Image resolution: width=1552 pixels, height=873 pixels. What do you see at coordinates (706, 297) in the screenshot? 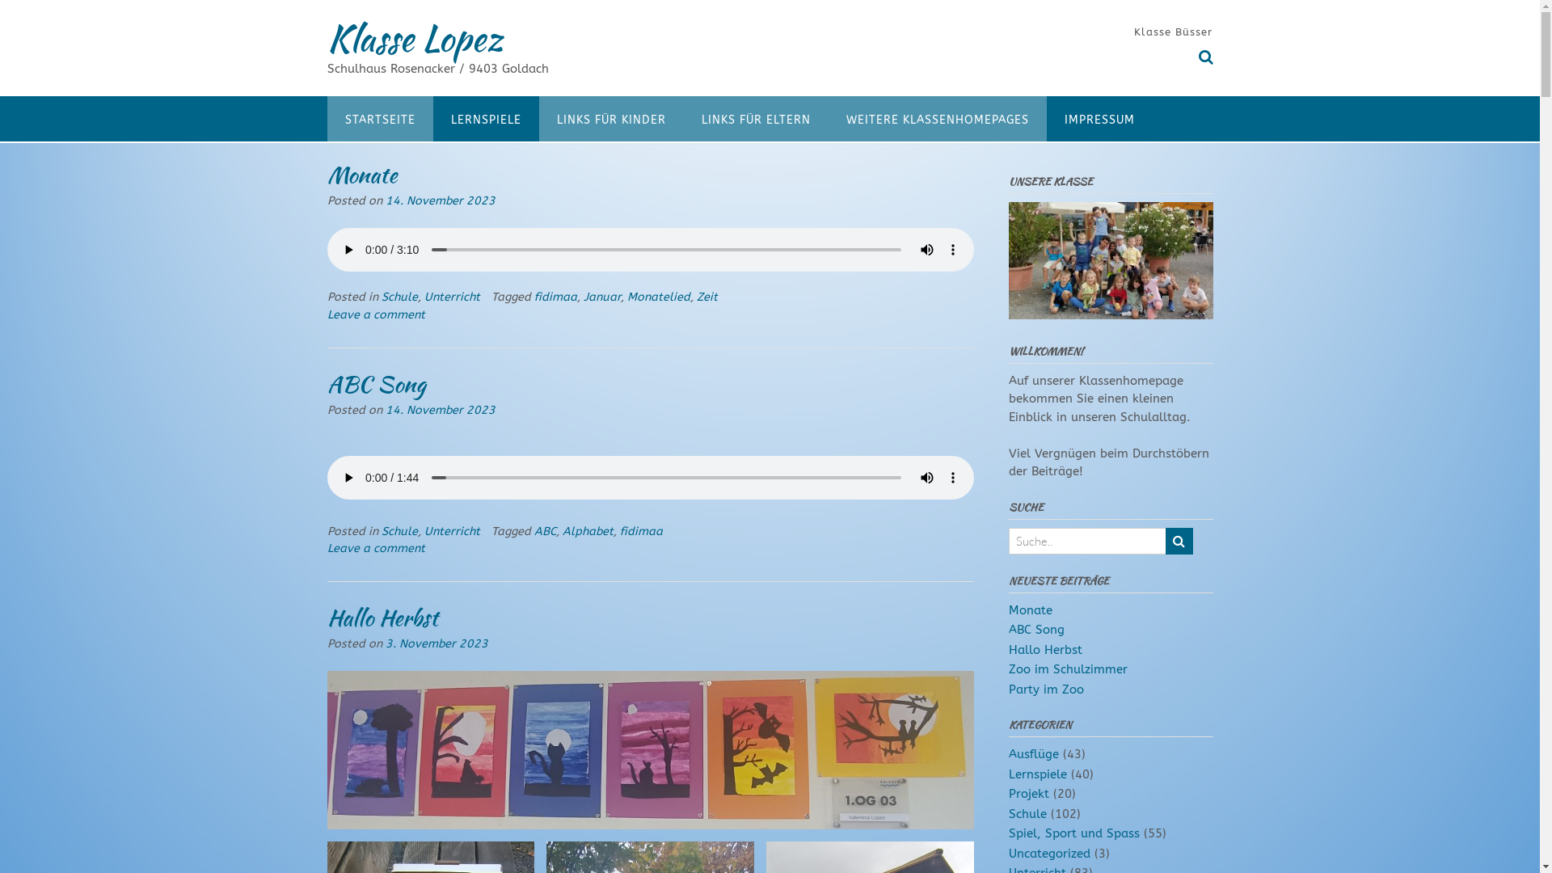
I see `'Zeit'` at bounding box center [706, 297].